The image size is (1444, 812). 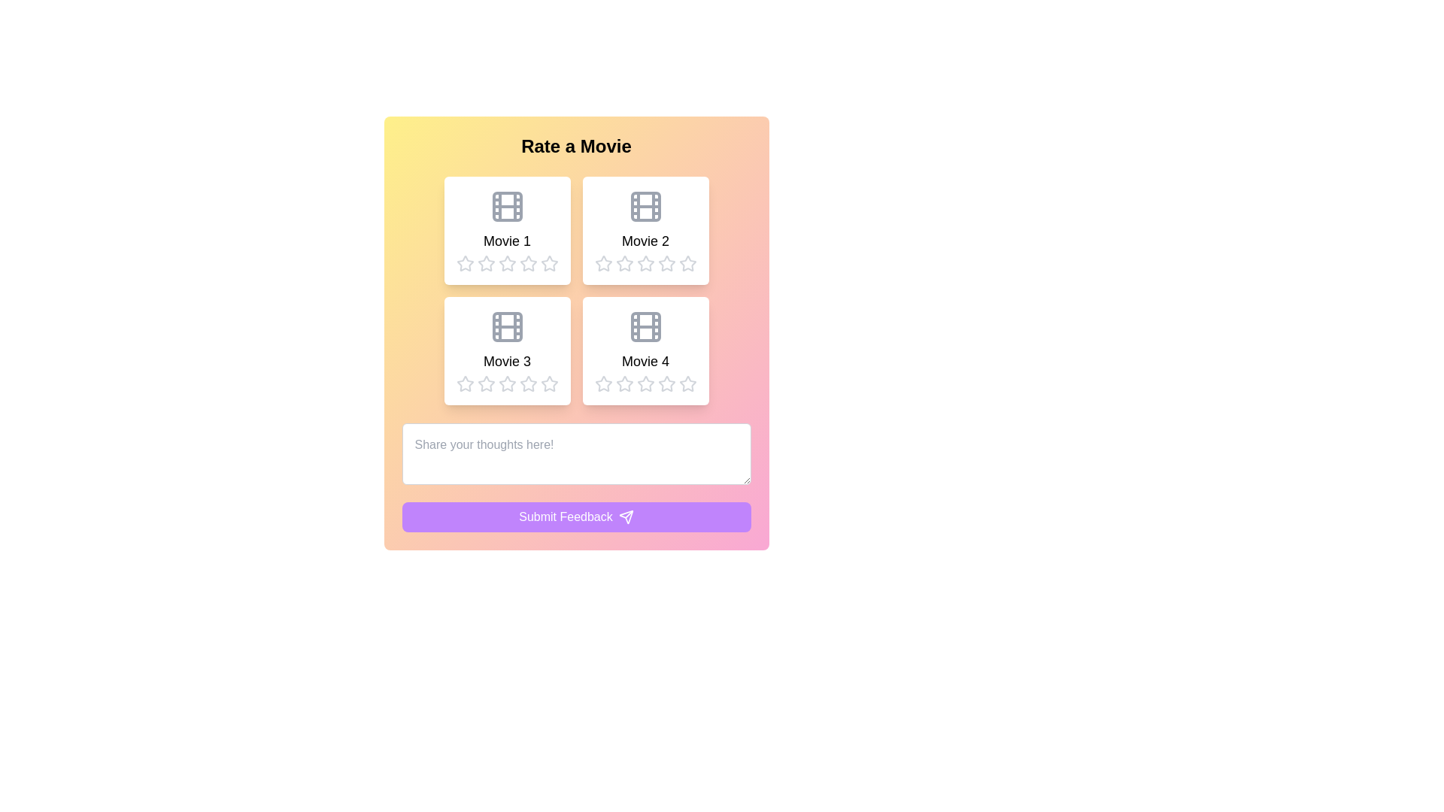 I want to click on the second star icon in the rating system for 'Movie 2', so click(x=624, y=262).